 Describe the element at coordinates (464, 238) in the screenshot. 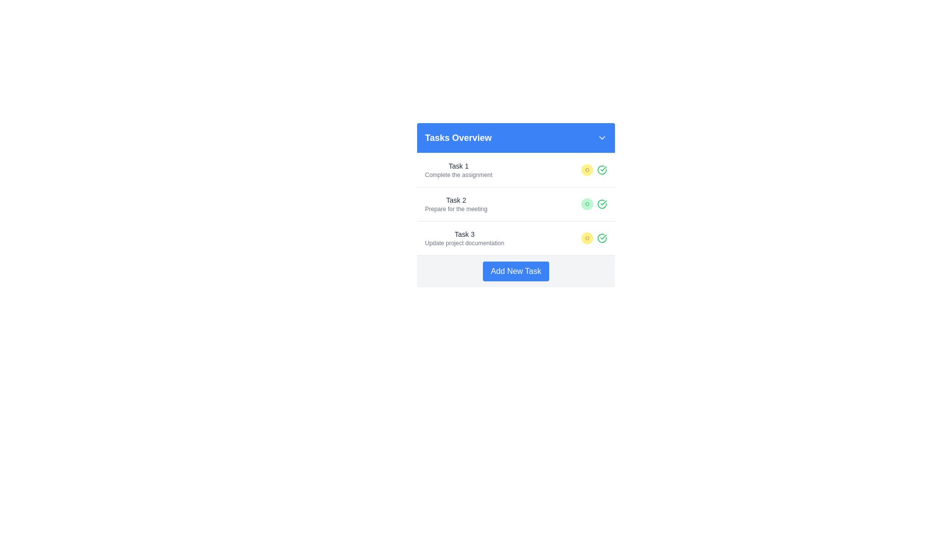

I see `task information displayed in the text block titled 'Task 3' with the subtitle 'Update project documentation', located in the third row of the task list under the 'Tasks Overview' header` at that location.